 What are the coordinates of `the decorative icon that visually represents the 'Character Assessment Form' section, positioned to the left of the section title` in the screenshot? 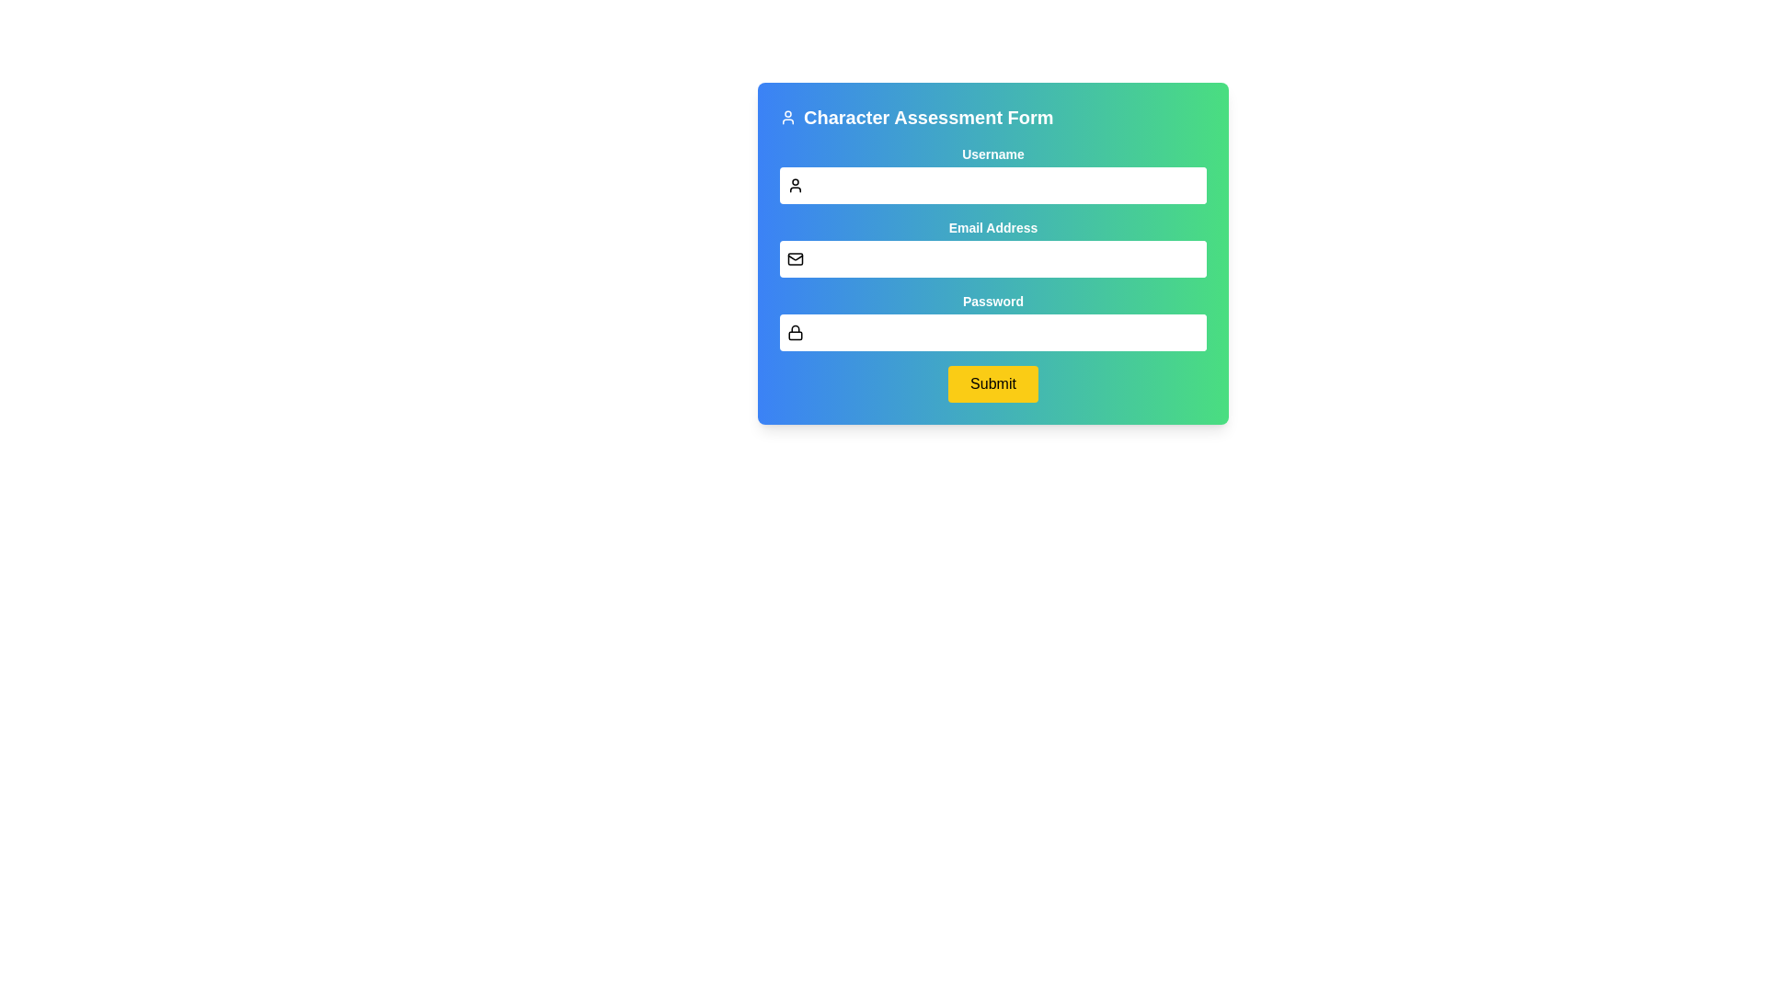 It's located at (788, 117).